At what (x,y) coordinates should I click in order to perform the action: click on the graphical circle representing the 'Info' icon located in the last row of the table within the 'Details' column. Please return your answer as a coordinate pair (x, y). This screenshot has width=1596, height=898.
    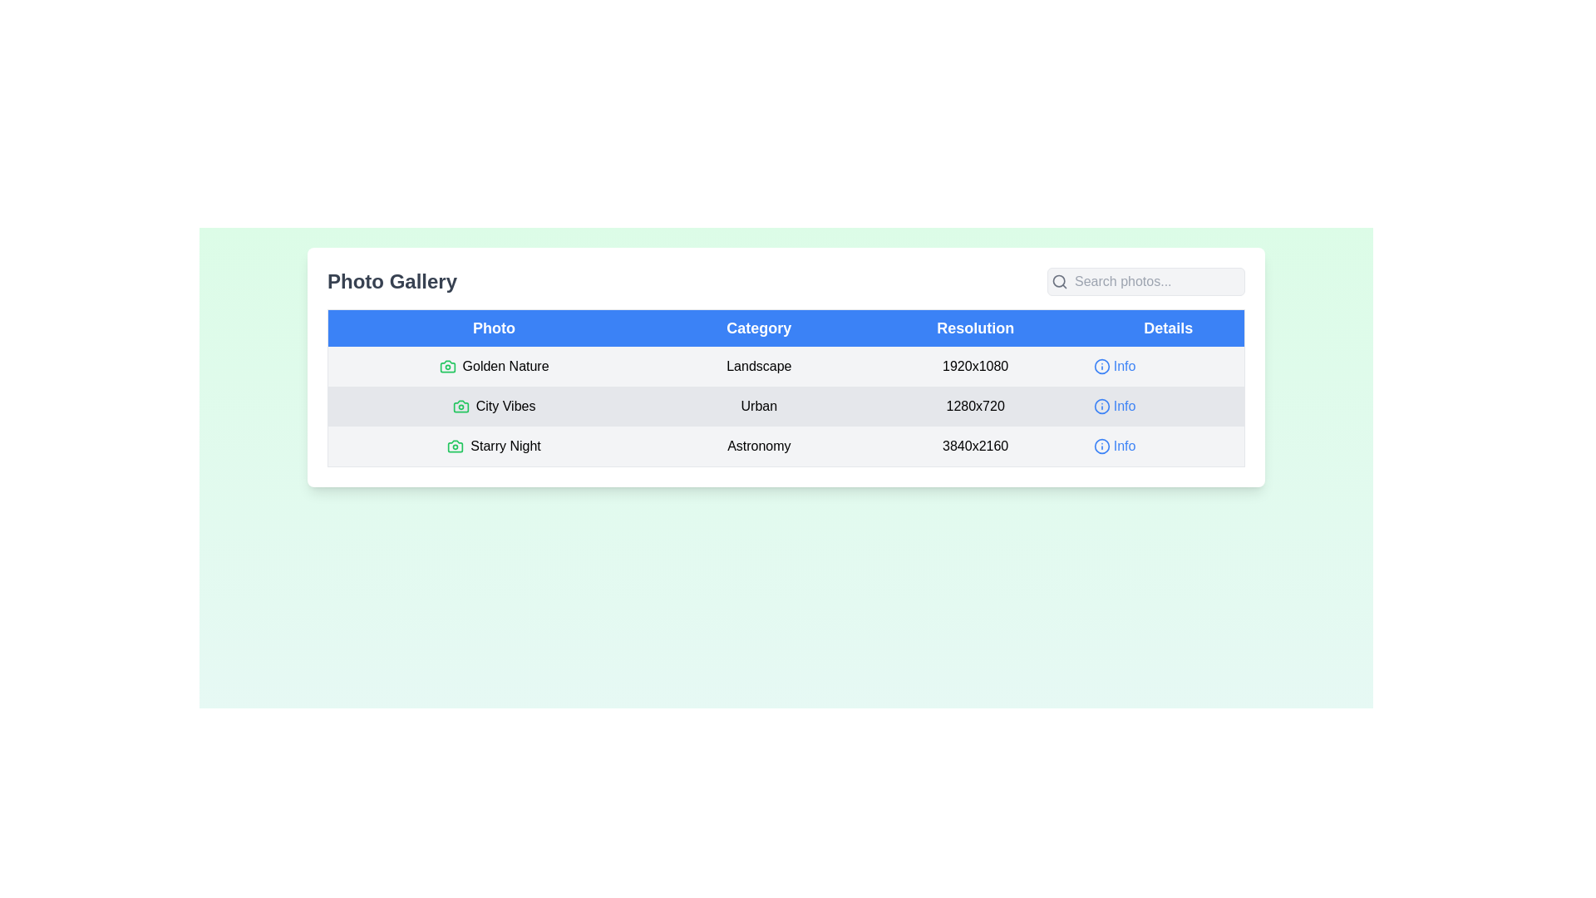
    Looking at the image, I should click on (1101, 445).